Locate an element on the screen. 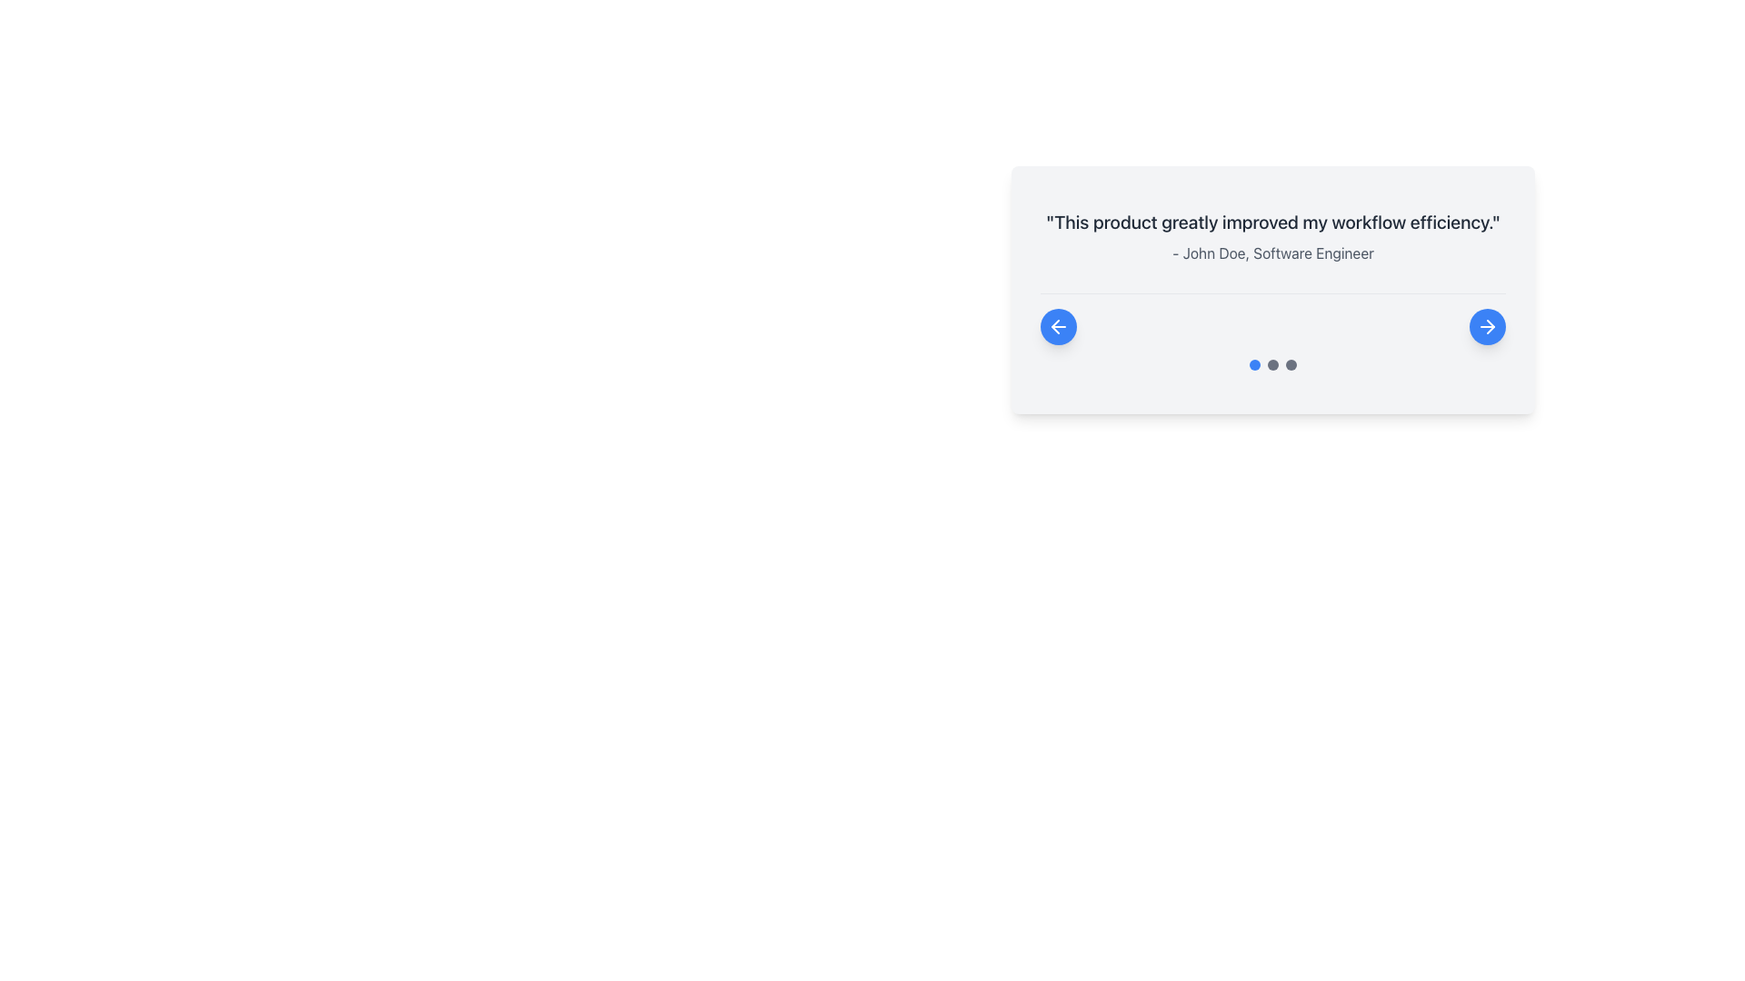 Image resolution: width=1745 pixels, height=981 pixels. the Carousel Indicator circles located at the bottom section of the testimonial card, which includes three small circle indicators with the first being blue (active) and the others gray (inactive) is located at coordinates (1272, 364).